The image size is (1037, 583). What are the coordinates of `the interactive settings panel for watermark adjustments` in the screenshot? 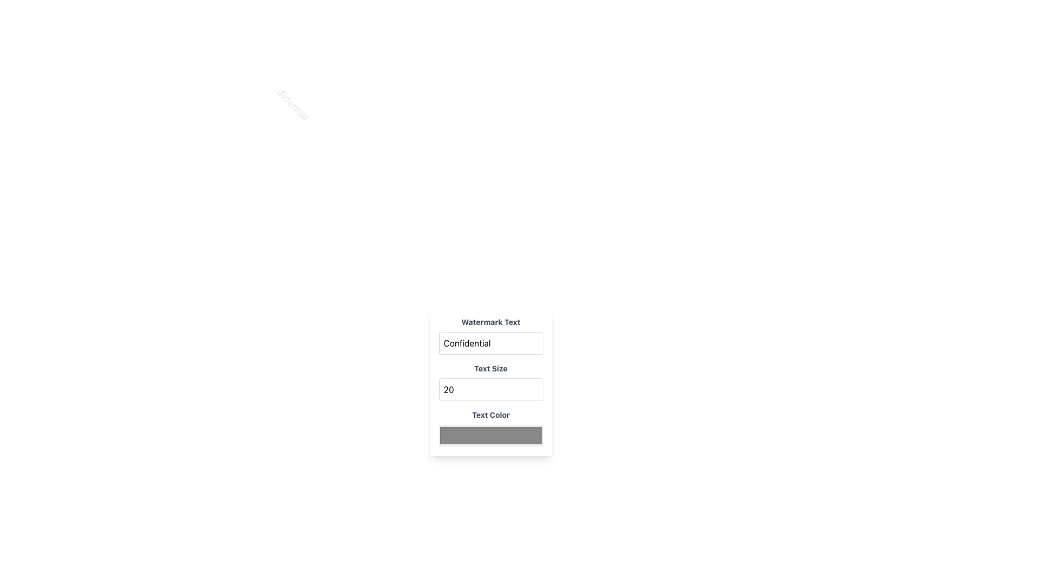 It's located at (490, 382).